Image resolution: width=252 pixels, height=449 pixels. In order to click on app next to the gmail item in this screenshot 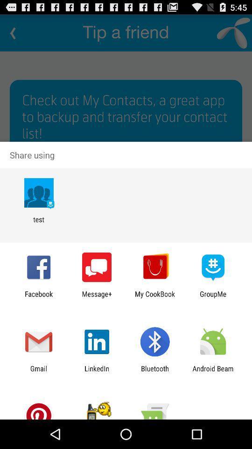, I will do `click(96, 372)`.